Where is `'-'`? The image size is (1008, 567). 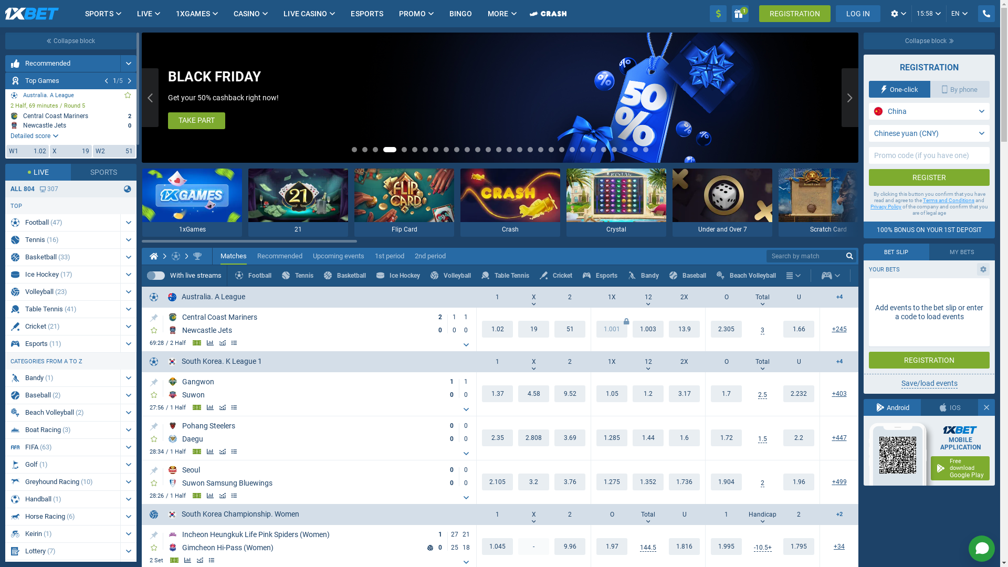 '-' is located at coordinates (533, 546).